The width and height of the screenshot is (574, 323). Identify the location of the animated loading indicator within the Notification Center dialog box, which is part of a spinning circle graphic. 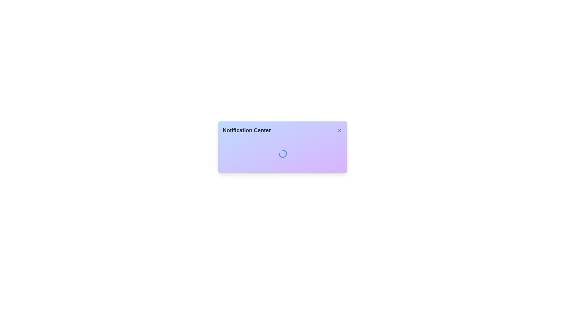
(282, 153).